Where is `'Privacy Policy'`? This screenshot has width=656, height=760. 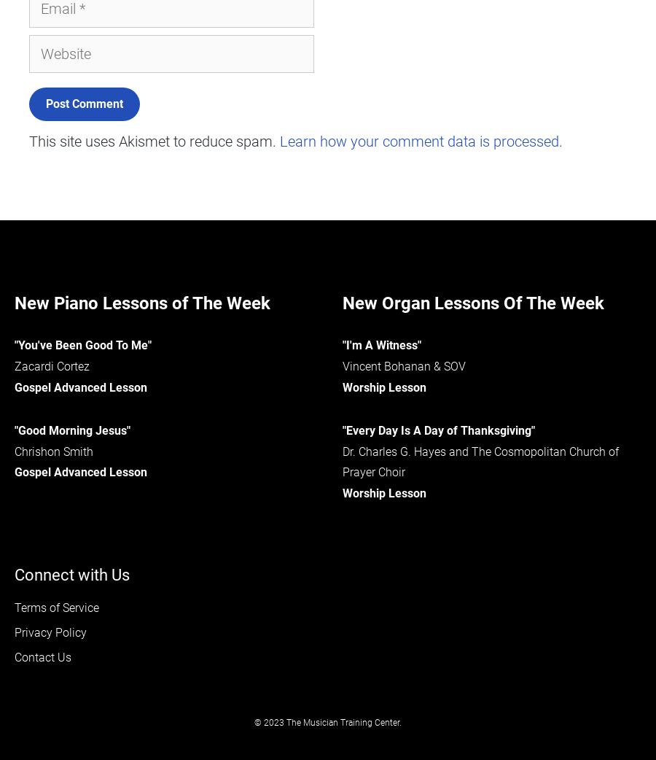
'Privacy Policy' is located at coordinates (50, 632).